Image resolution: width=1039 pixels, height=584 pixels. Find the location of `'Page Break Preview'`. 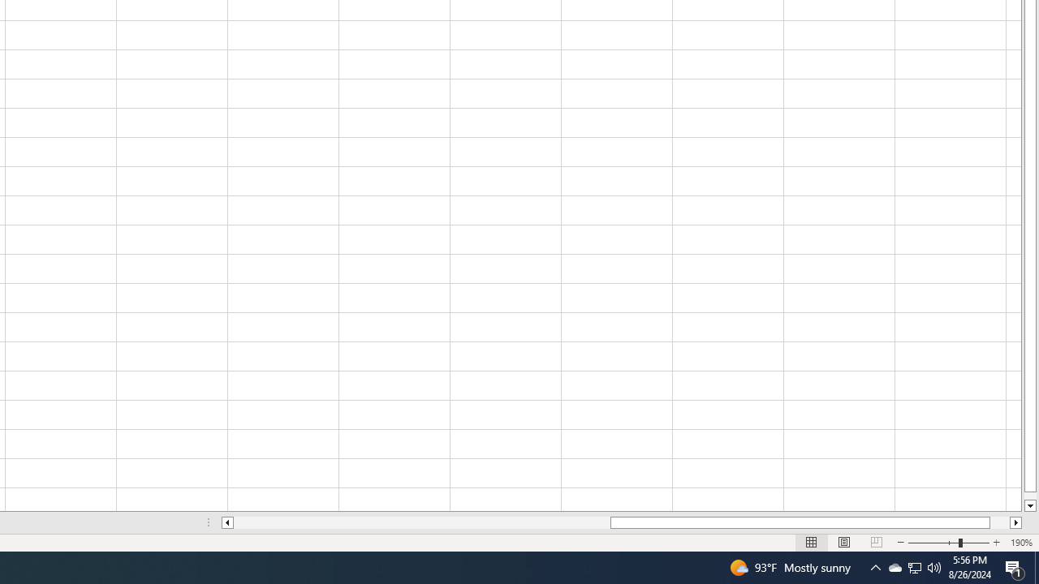

'Page Break Preview' is located at coordinates (875, 543).